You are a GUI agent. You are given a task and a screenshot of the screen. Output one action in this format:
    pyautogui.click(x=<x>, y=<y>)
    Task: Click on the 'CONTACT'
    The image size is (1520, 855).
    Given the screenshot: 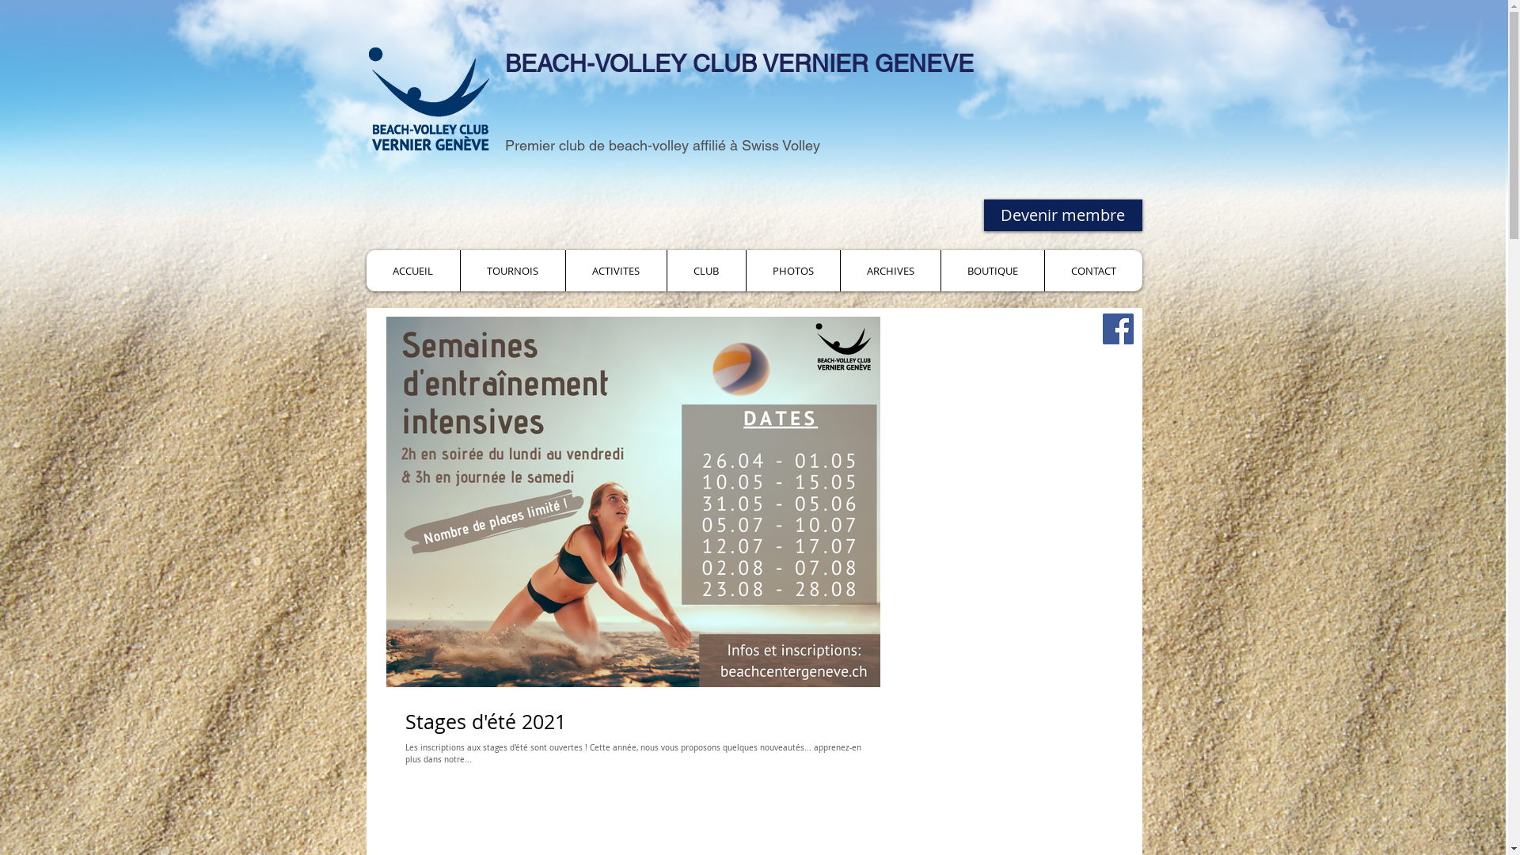 What is the action you would take?
    pyautogui.click(x=1092, y=270)
    